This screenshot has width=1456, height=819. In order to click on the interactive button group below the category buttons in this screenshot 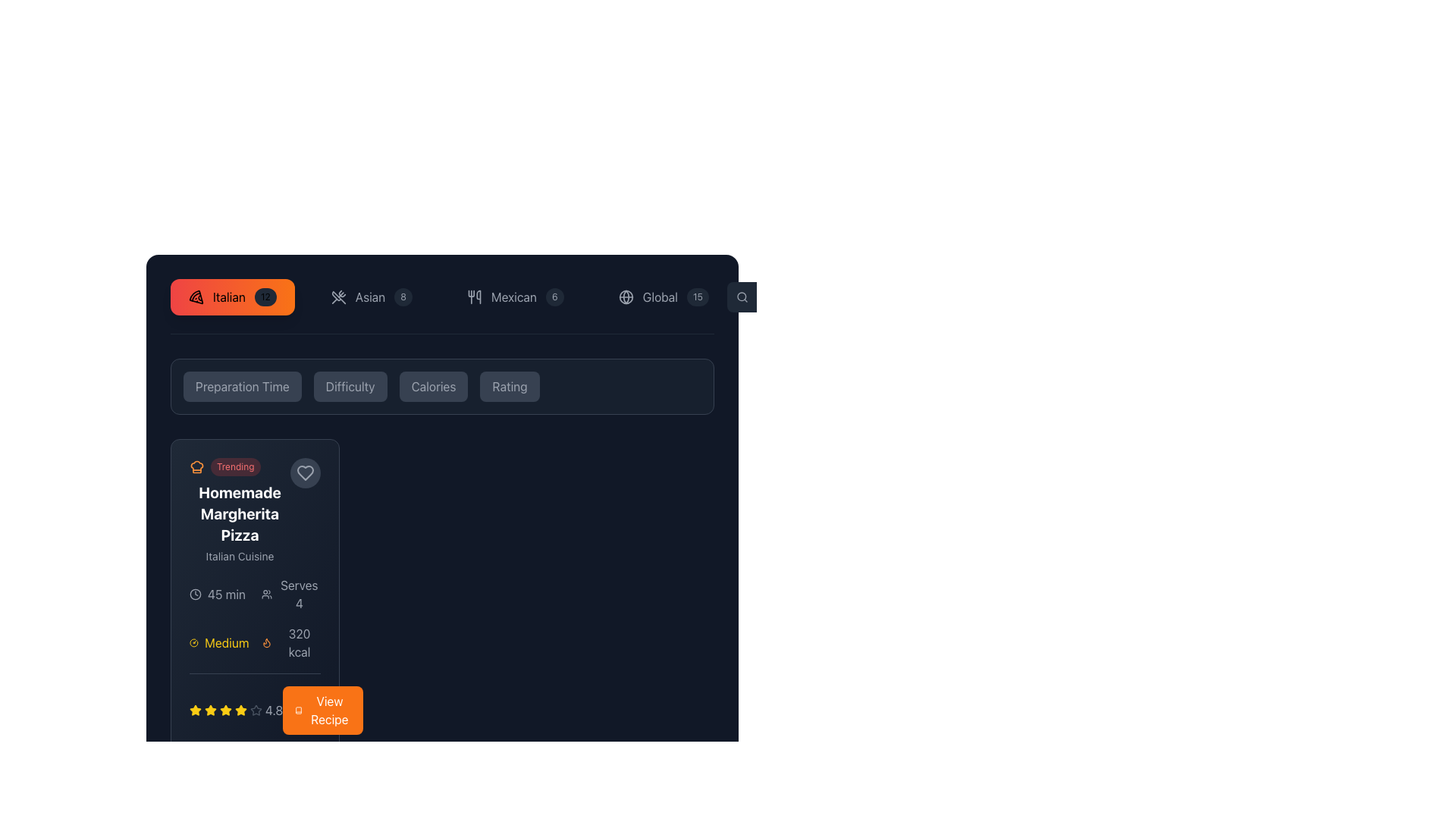, I will do `click(441, 385)`.